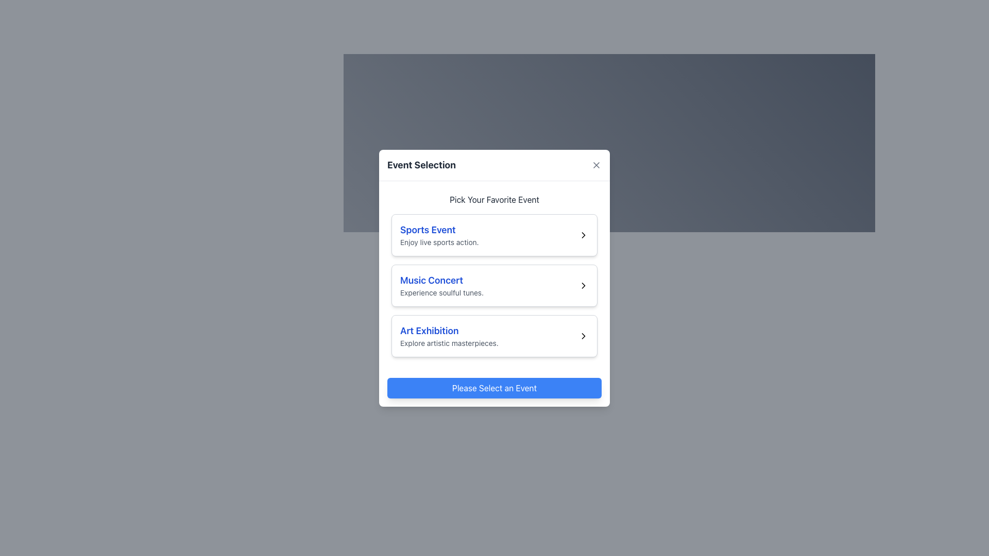 The height and width of the screenshot is (556, 989). What do you see at coordinates (449, 331) in the screenshot?
I see `text of the 'Art Exhibition' label, which is styled in large, bold blue font and located under 'Pick Your Favorite Event'` at bounding box center [449, 331].